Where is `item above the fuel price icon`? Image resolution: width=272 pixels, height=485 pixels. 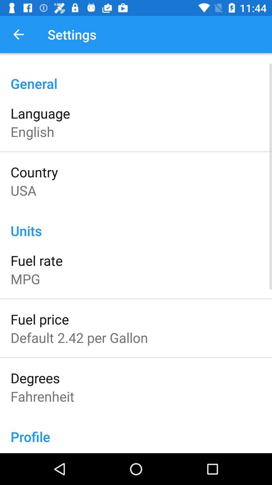
item above the fuel price icon is located at coordinates (25, 278).